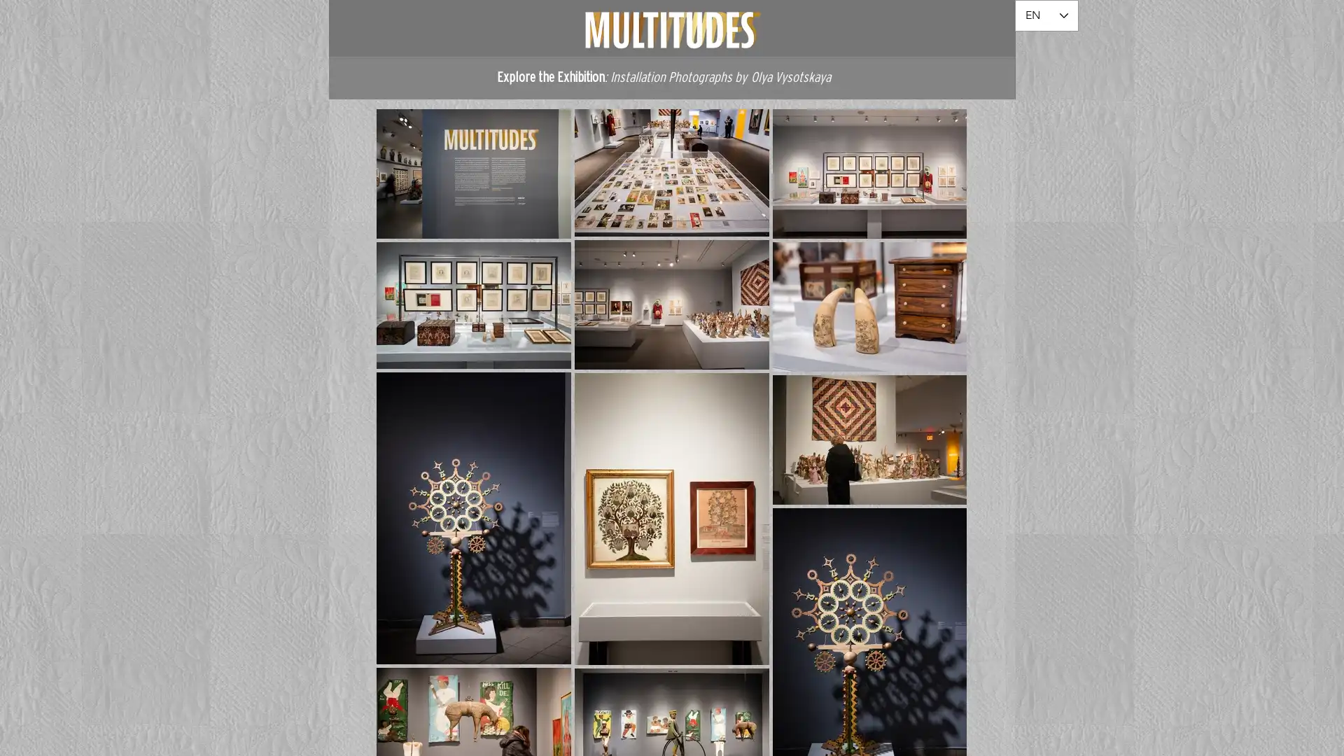 The image size is (1344, 756). I want to click on EX - 2022 - Multitudes - AFAM - 045.jpg, so click(672, 304).